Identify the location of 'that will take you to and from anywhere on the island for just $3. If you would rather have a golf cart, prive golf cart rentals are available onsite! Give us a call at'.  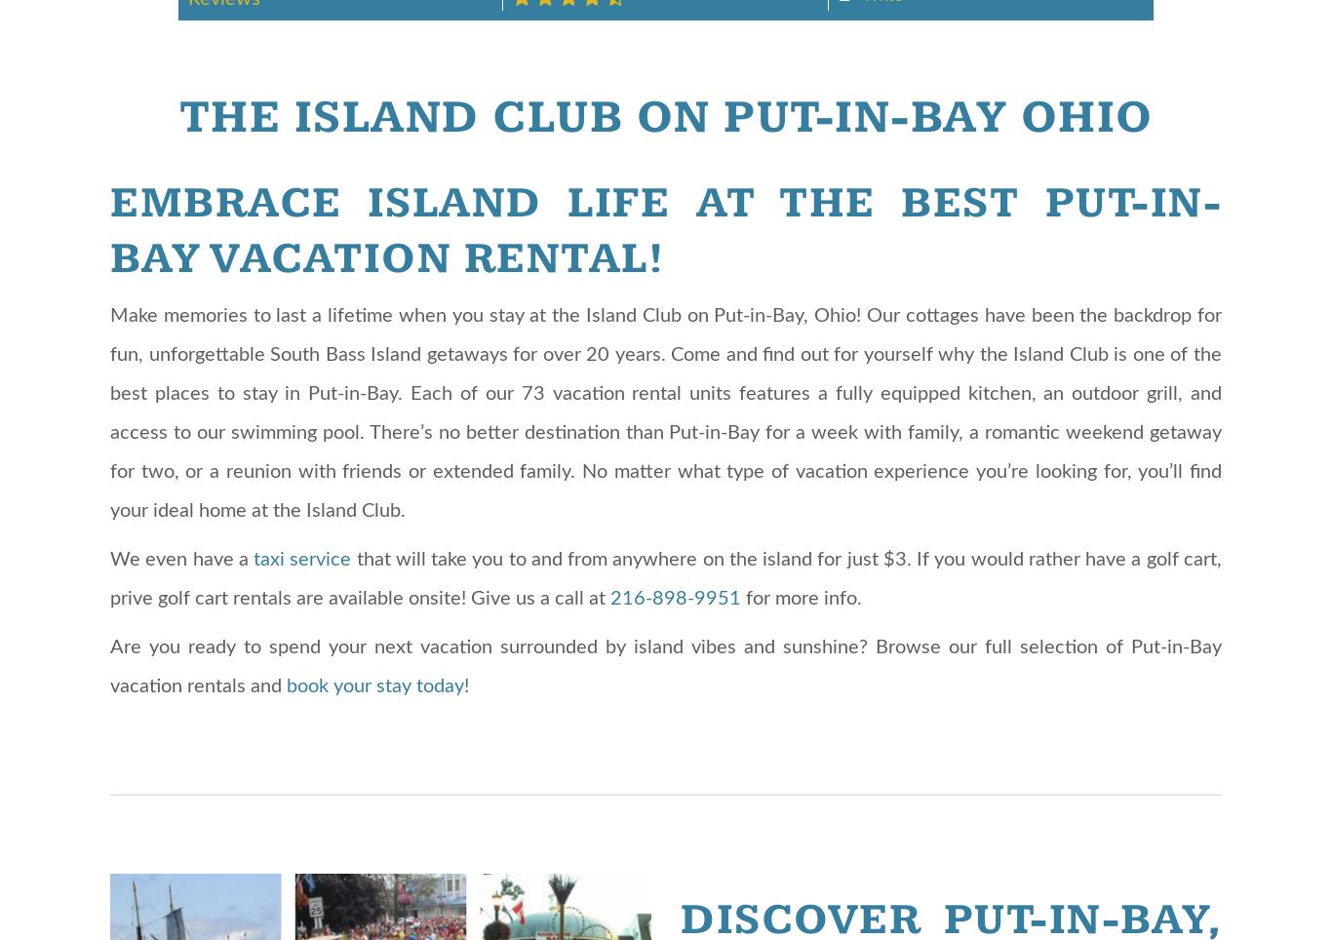
(666, 576).